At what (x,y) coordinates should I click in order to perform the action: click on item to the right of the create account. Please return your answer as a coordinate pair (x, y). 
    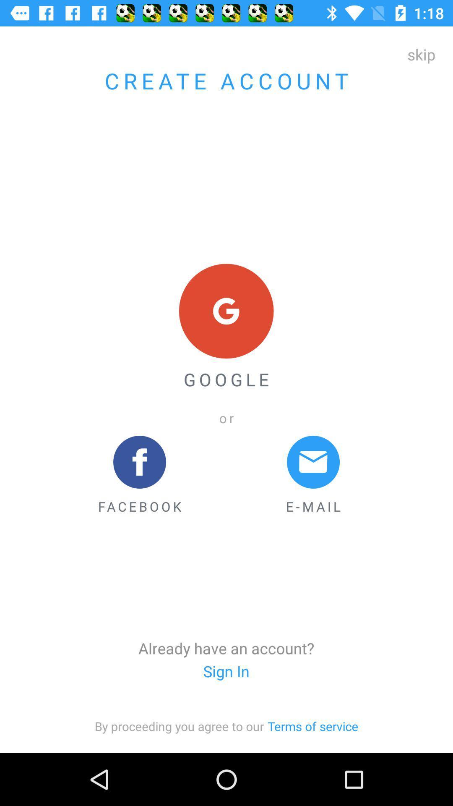
    Looking at the image, I should click on (421, 54).